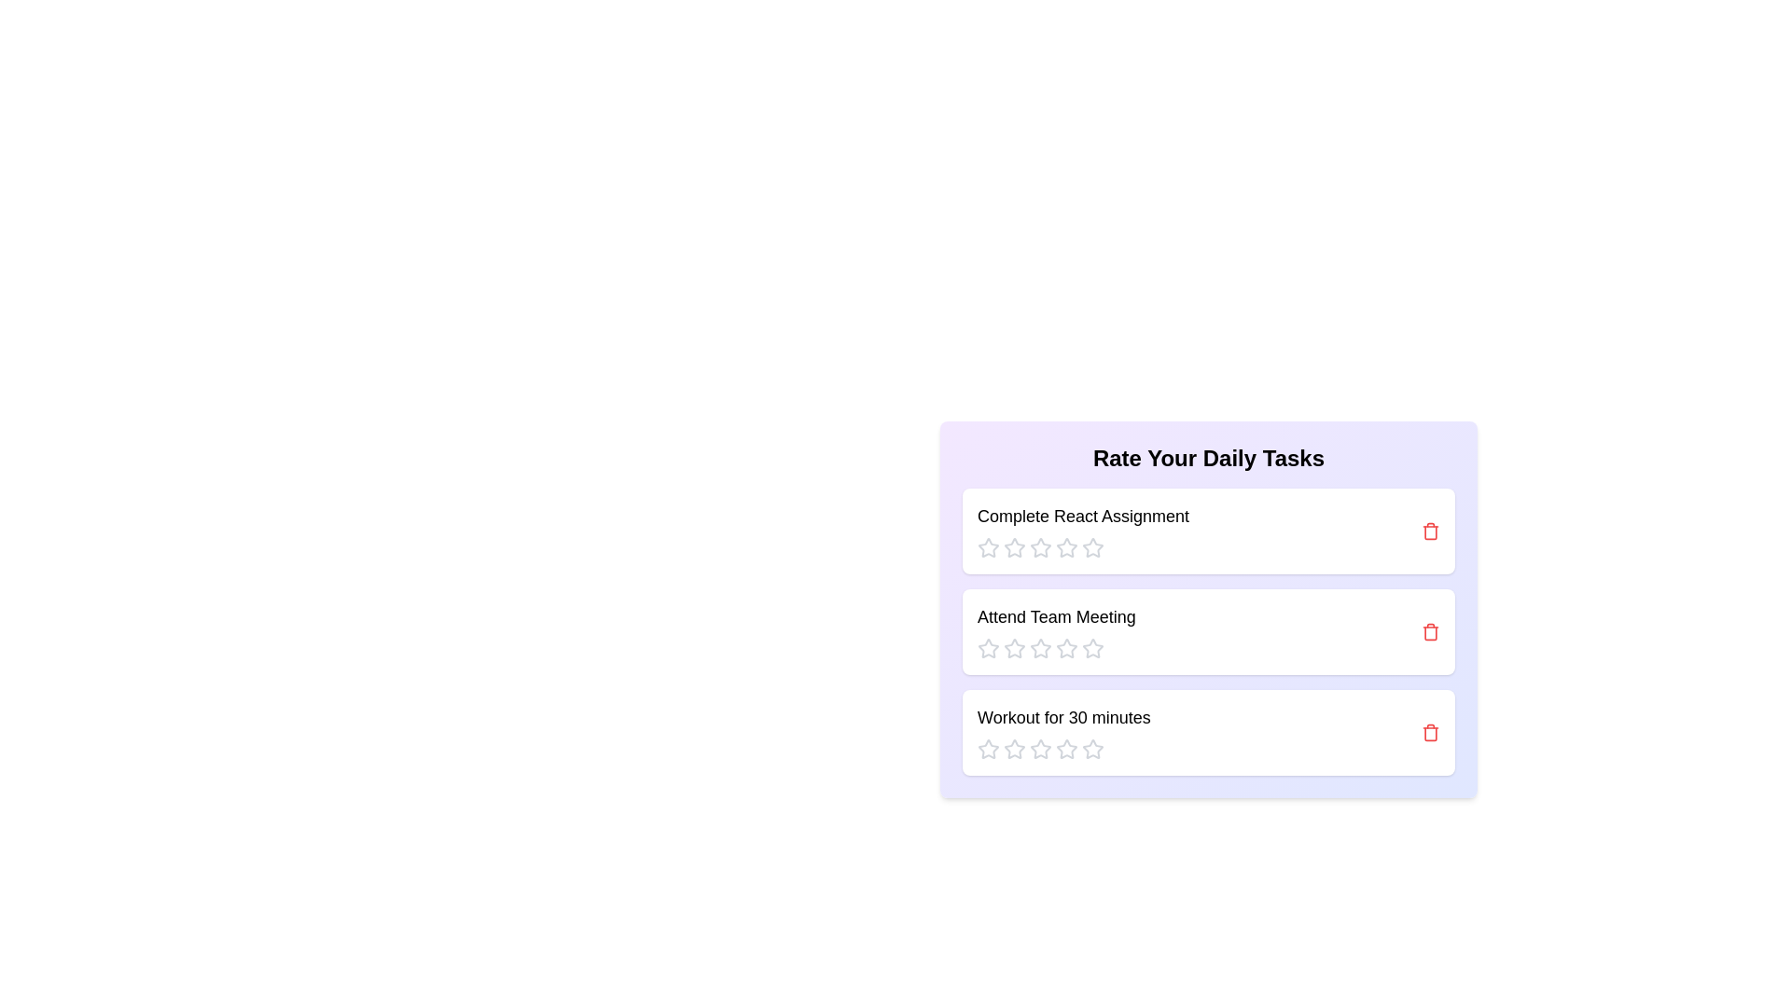 The height and width of the screenshot is (1007, 1791). Describe the element at coordinates (1430, 631) in the screenshot. I see `trash icon to remove the task Attend Team Meeting` at that location.